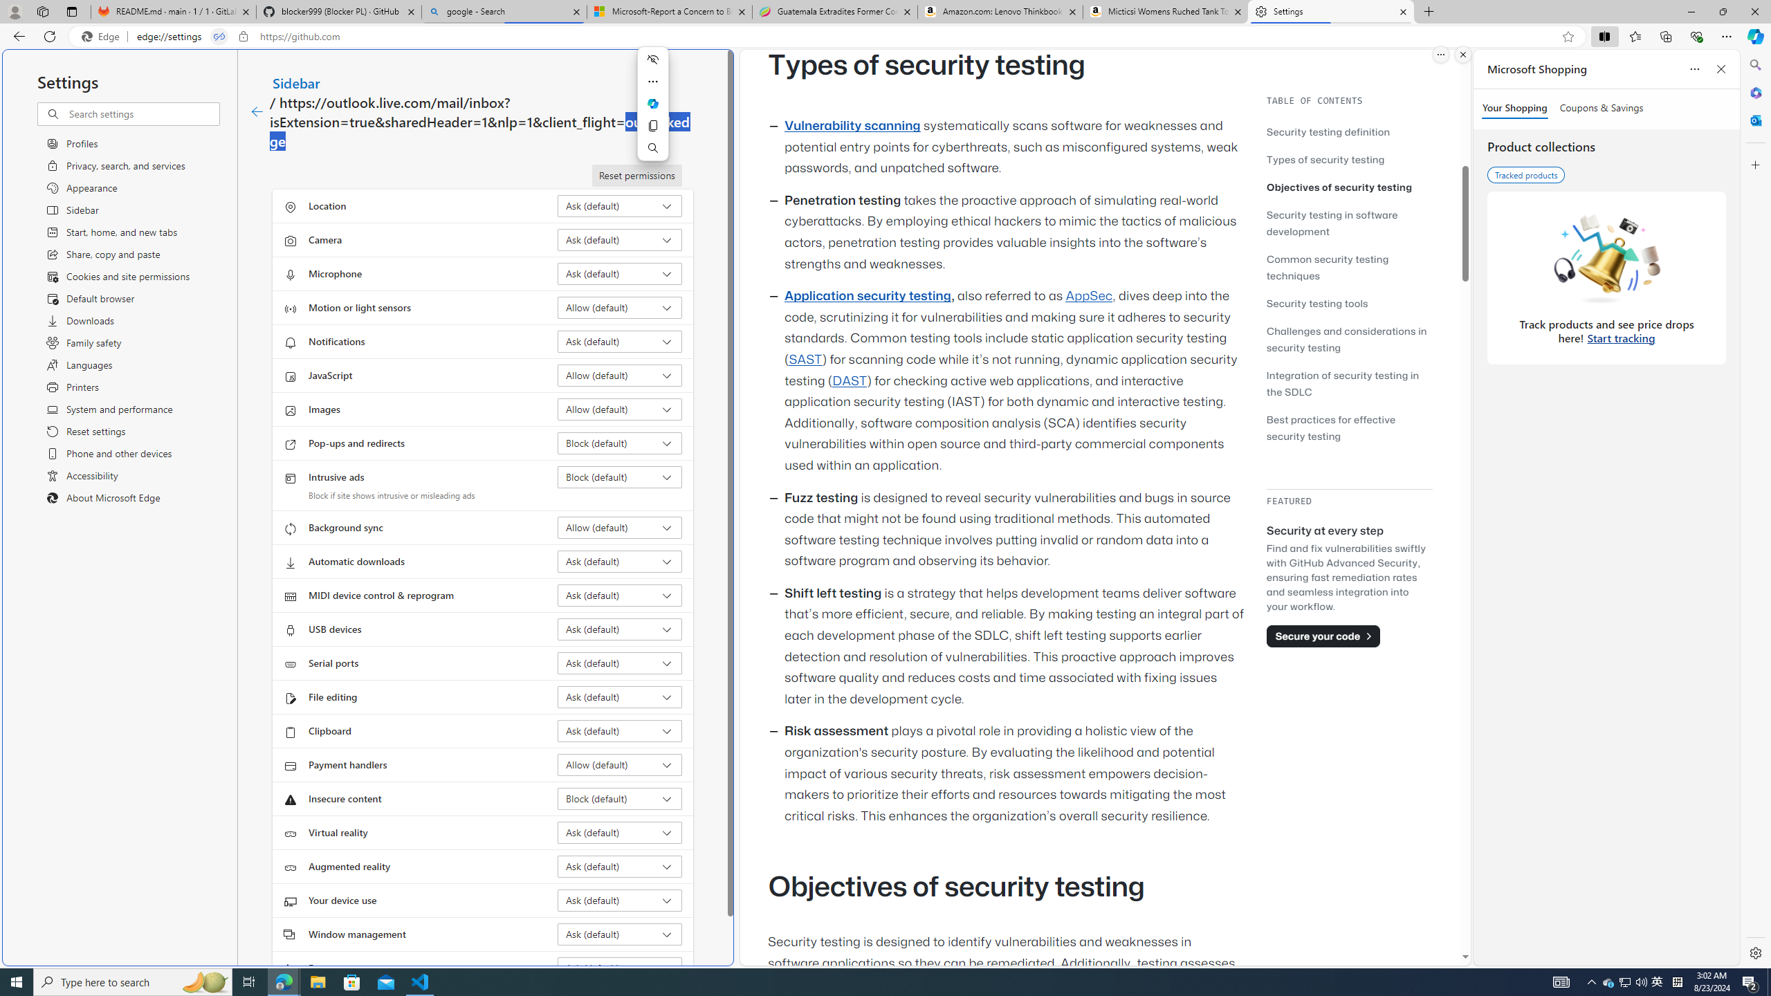  Describe the element at coordinates (620, 477) in the screenshot. I see `'Intrusive ads Block (default)'` at that location.